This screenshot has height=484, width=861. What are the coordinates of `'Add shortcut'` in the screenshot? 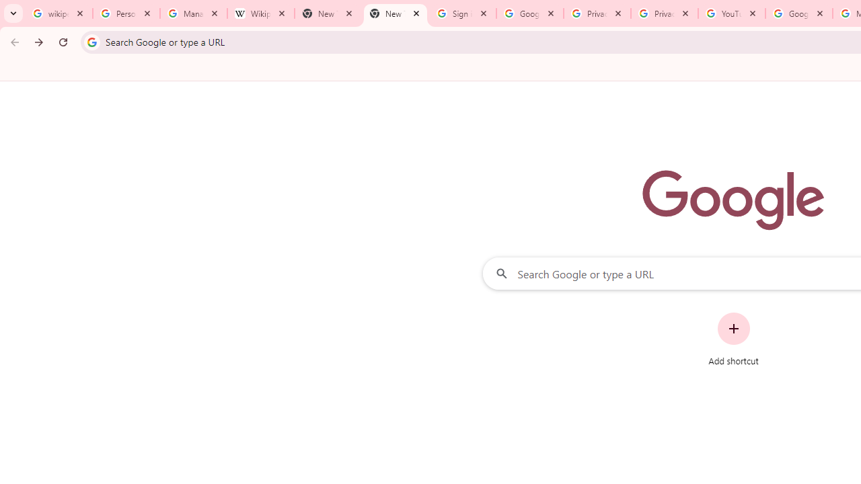 It's located at (733, 339).